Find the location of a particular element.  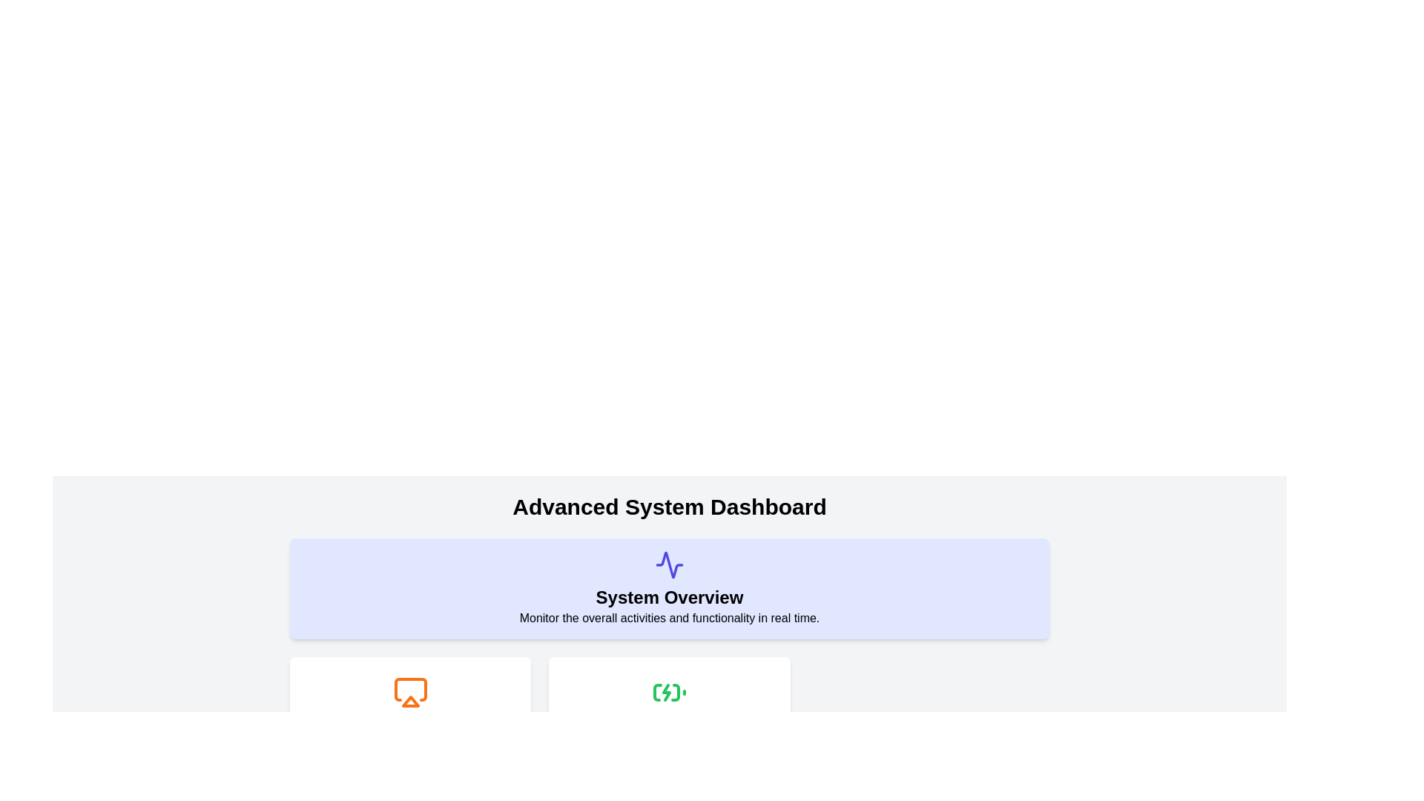

the display or airplay icon located at the top left corner of the 'Display Configuration' section, which visually represents display functionality is located at coordinates (410, 692).